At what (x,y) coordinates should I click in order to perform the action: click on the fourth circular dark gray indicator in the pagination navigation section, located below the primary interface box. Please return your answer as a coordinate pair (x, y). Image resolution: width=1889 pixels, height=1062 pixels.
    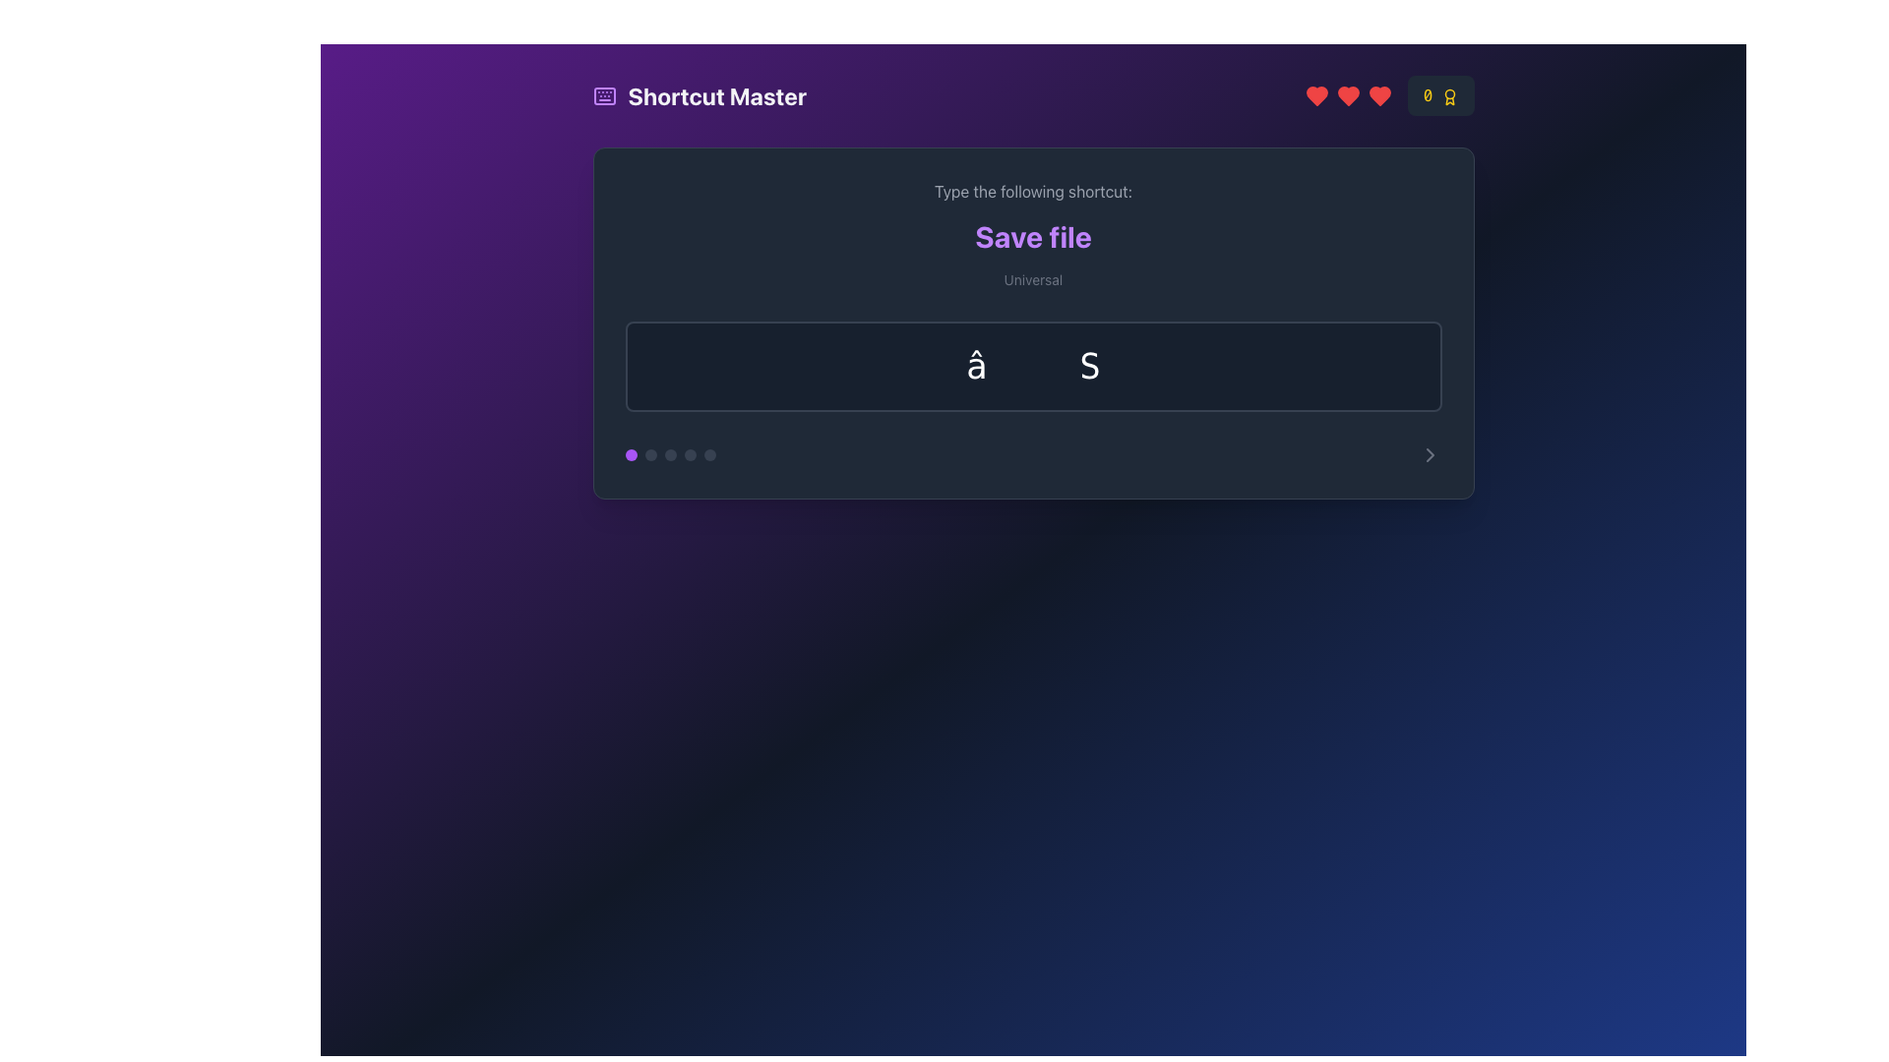
    Looking at the image, I should click on (690, 454).